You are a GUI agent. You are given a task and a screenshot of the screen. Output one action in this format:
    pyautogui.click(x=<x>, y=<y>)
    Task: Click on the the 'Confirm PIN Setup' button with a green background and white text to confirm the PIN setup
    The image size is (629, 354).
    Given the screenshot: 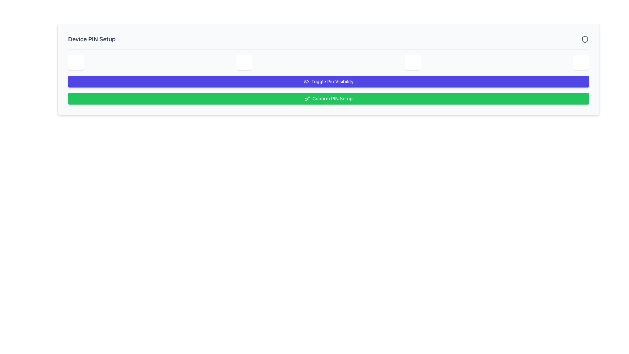 What is the action you would take?
    pyautogui.click(x=329, y=98)
    